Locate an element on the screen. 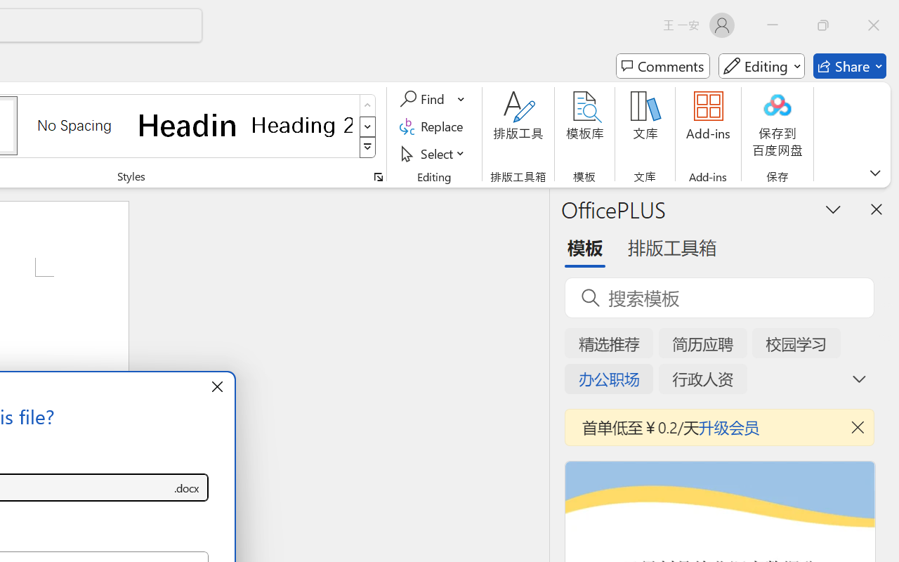 The image size is (899, 562). 'Replace...' is located at coordinates (433, 126).